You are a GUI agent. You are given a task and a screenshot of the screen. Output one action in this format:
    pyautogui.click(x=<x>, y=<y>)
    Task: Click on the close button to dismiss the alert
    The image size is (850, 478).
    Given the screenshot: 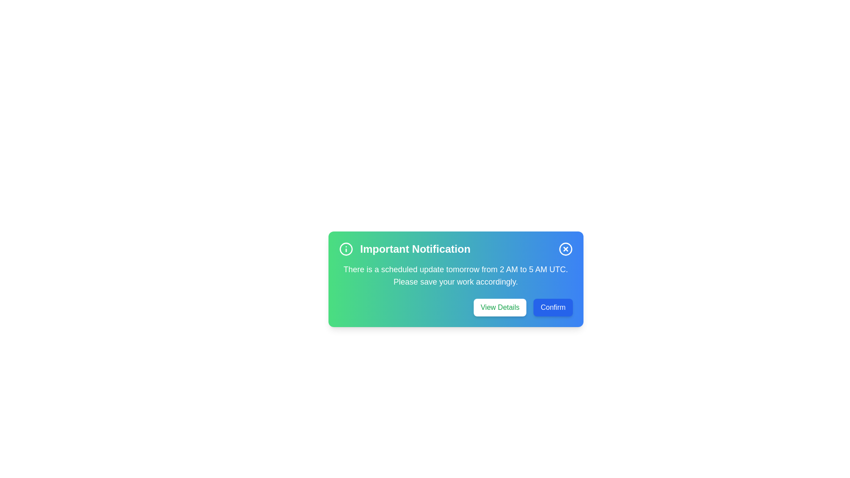 What is the action you would take?
    pyautogui.click(x=565, y=249)
    